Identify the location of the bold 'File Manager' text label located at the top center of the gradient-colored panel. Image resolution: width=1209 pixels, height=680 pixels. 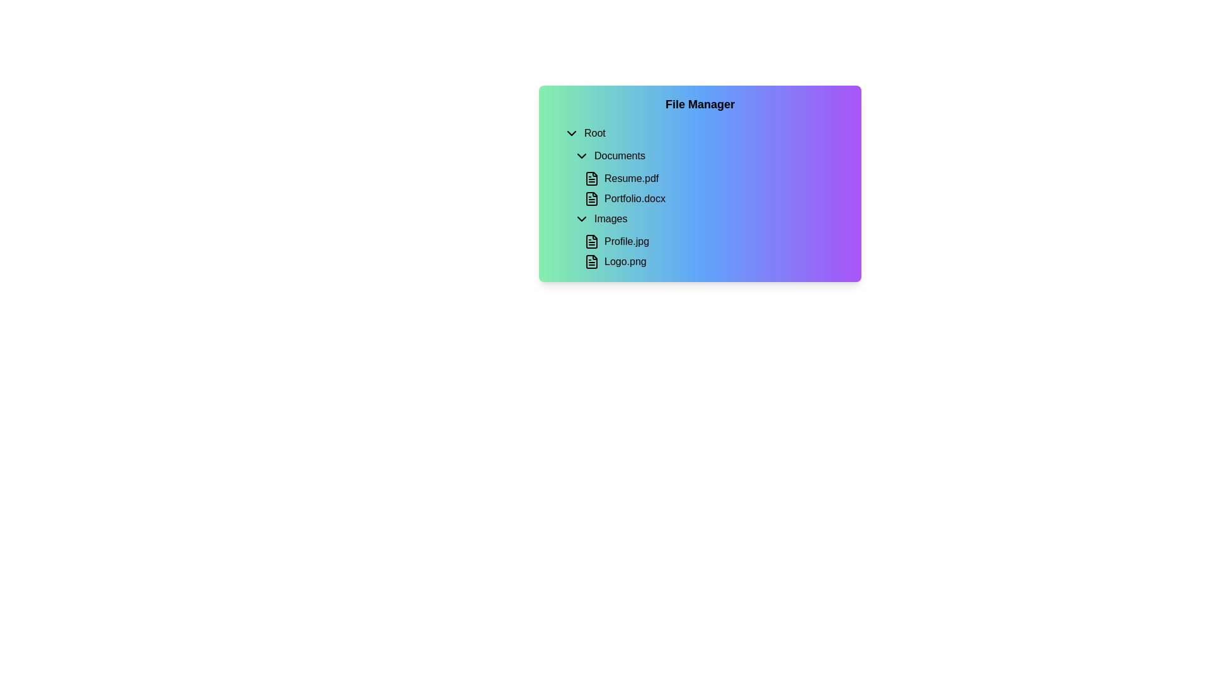
(700, 103).